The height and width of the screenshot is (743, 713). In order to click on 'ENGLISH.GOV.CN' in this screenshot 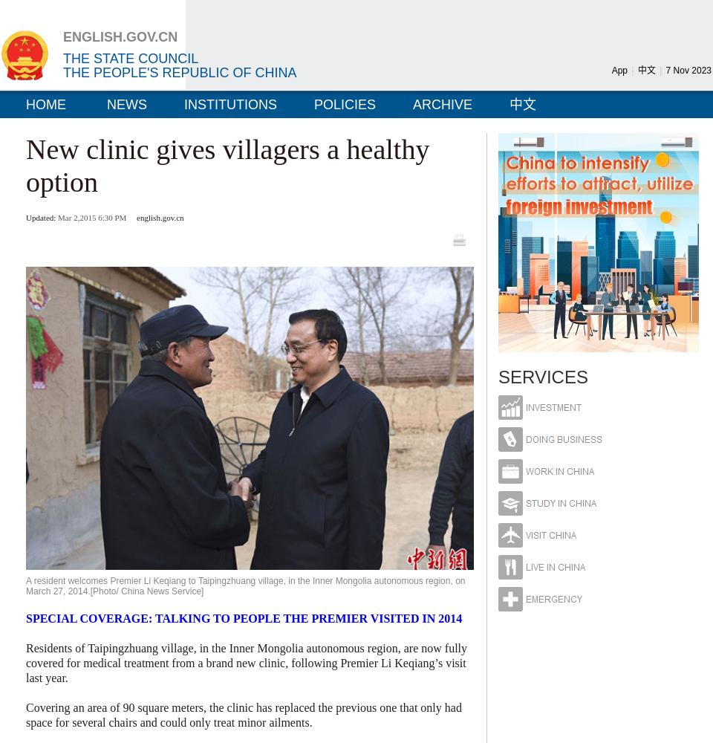, I will do `click(120, 37)`.